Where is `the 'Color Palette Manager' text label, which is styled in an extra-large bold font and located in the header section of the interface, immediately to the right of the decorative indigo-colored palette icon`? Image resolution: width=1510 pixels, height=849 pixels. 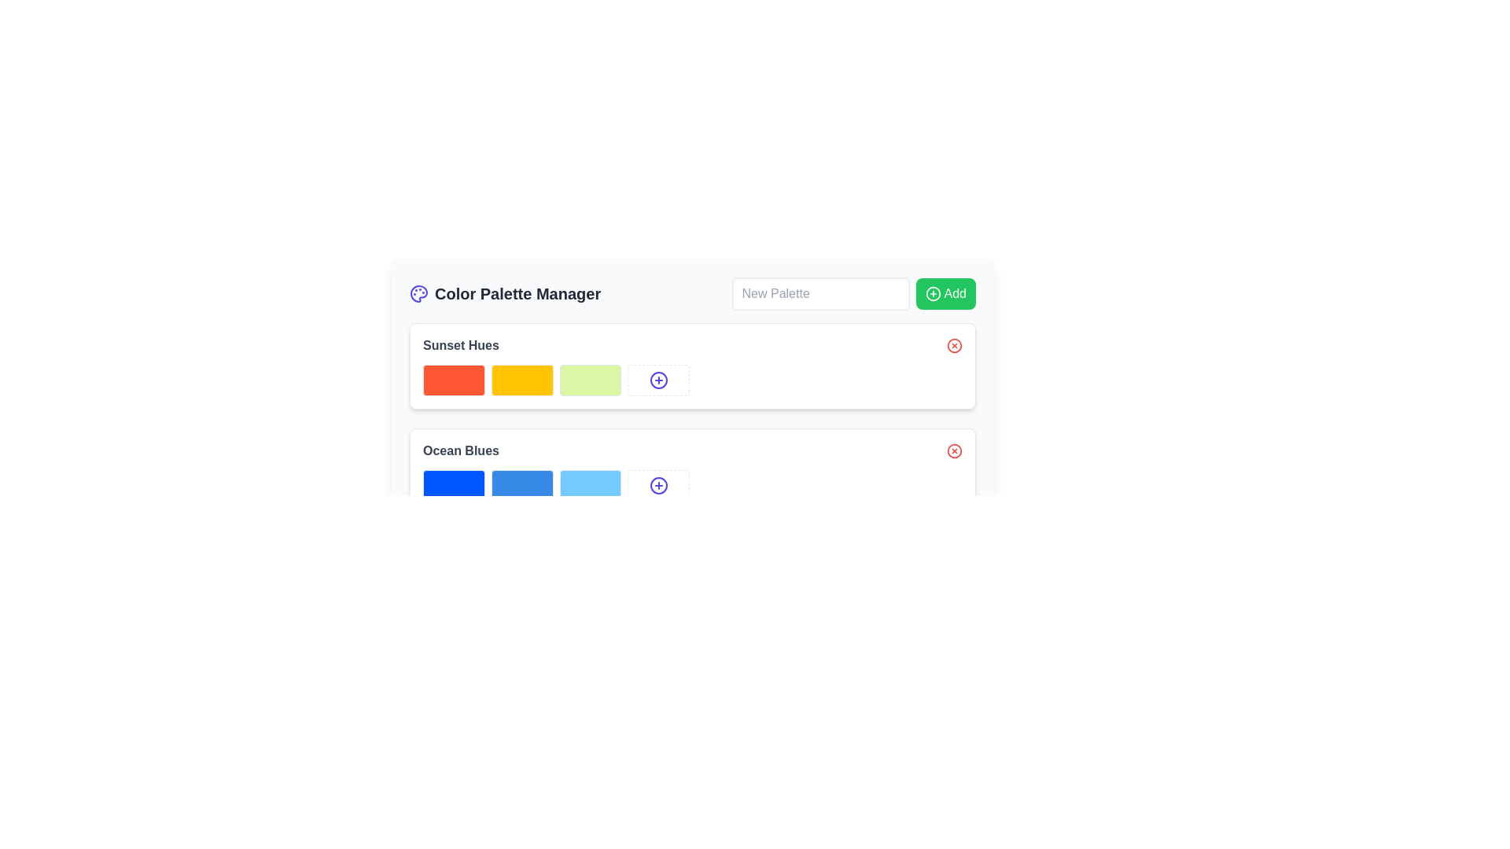
the 'Color Palette Manager' text label, which is styled in an extra-large bold font and located in the header section of the interface, immediately to the right of the decorative indigo-colored palette icon is located at coordinates (505, 294).